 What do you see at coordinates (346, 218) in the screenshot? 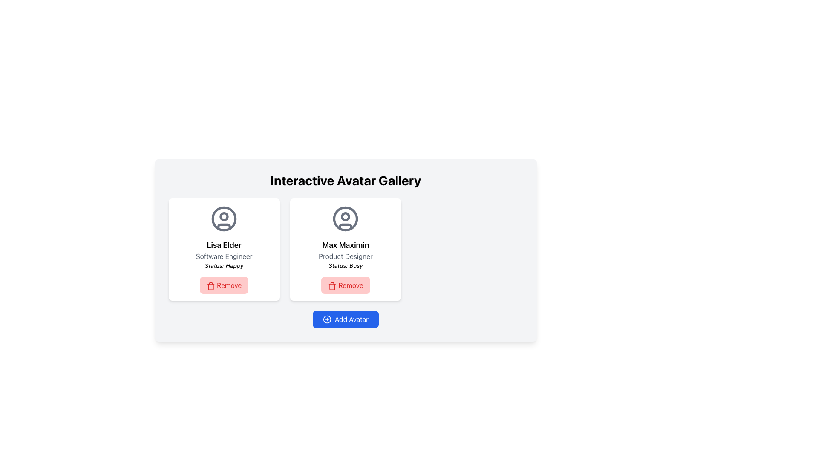
I see `circular SVG component that serves as the outer boundary of the avatar icon on the second profile card in the user profile display area` at bounding box center [346, 218].